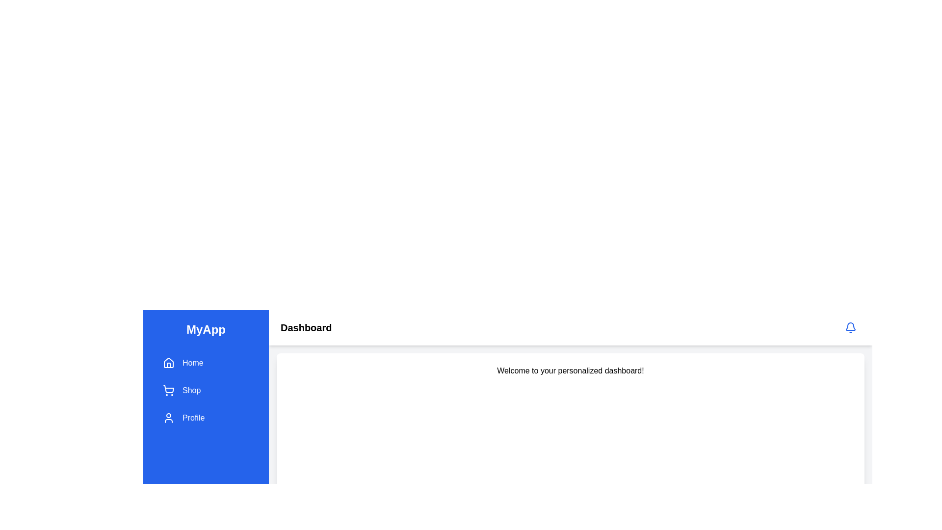 This screenshot has width=942, height=530. What do you see at coordinates (850, 327) in the screenshot?
I see `the notification icon located in the rightmost section of the top bar` at bounding box center [850, 327].